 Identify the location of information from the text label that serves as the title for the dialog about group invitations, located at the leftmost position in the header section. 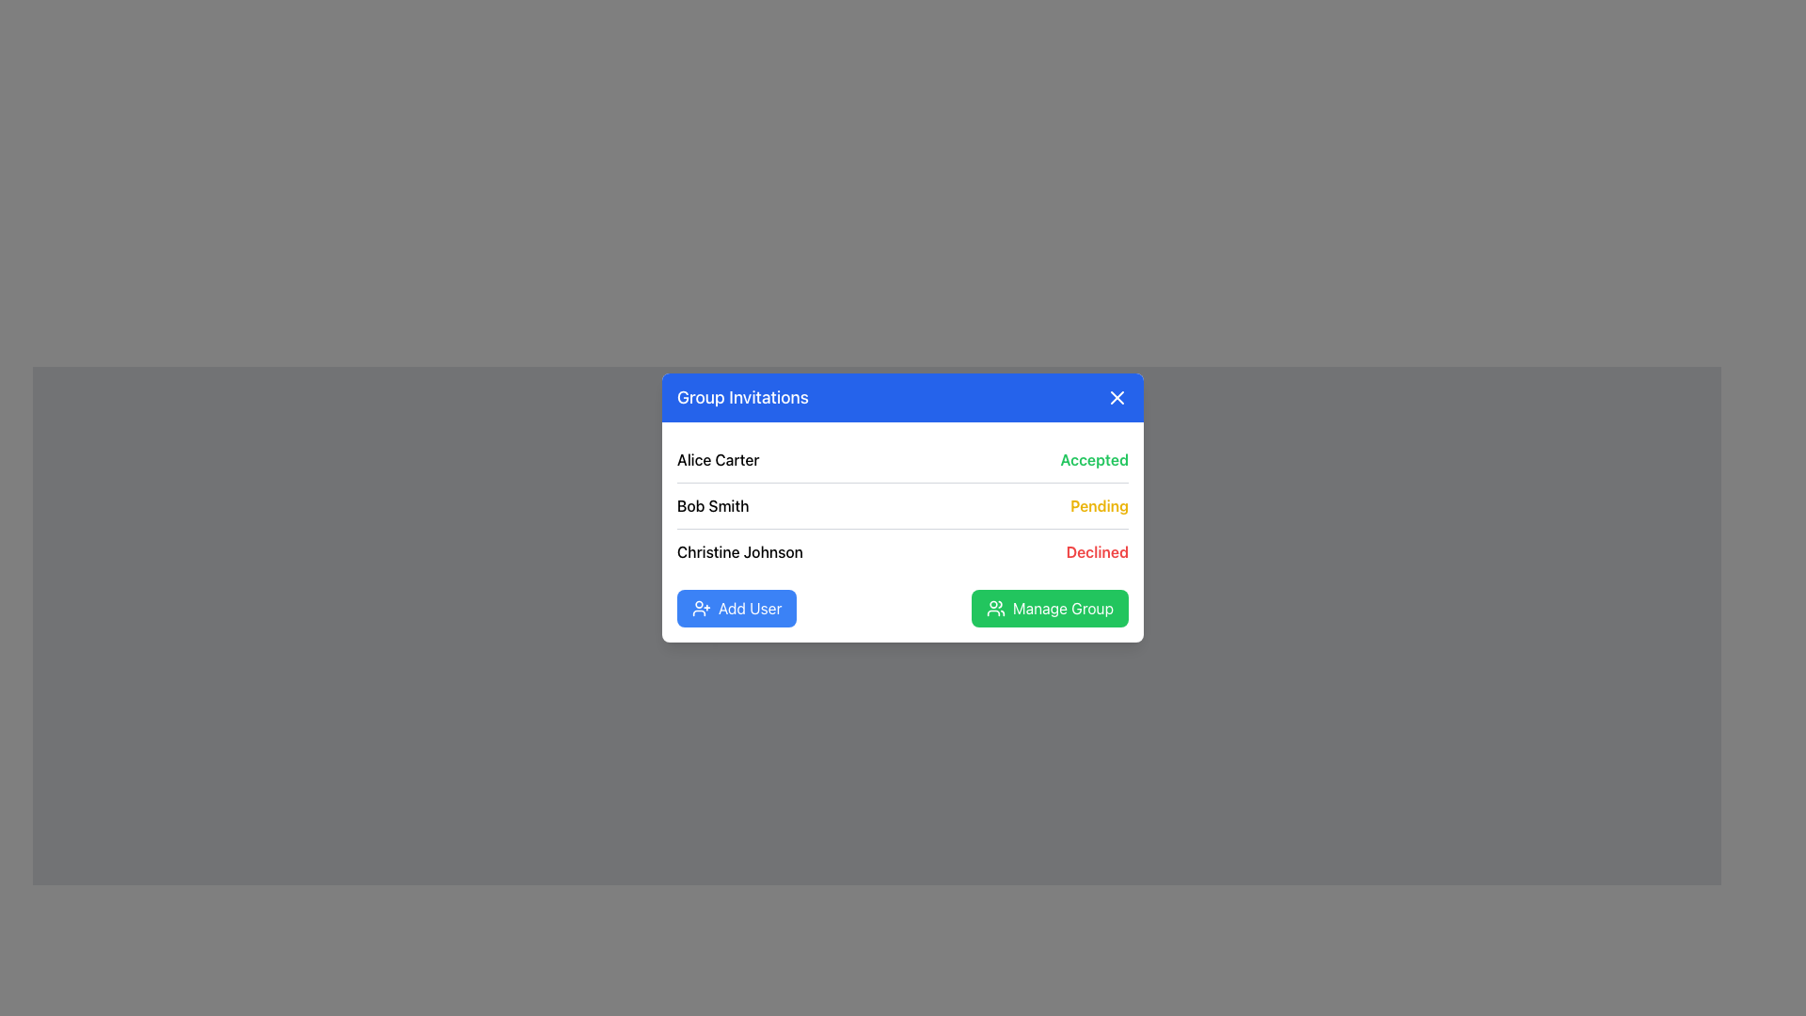
(741, 397).